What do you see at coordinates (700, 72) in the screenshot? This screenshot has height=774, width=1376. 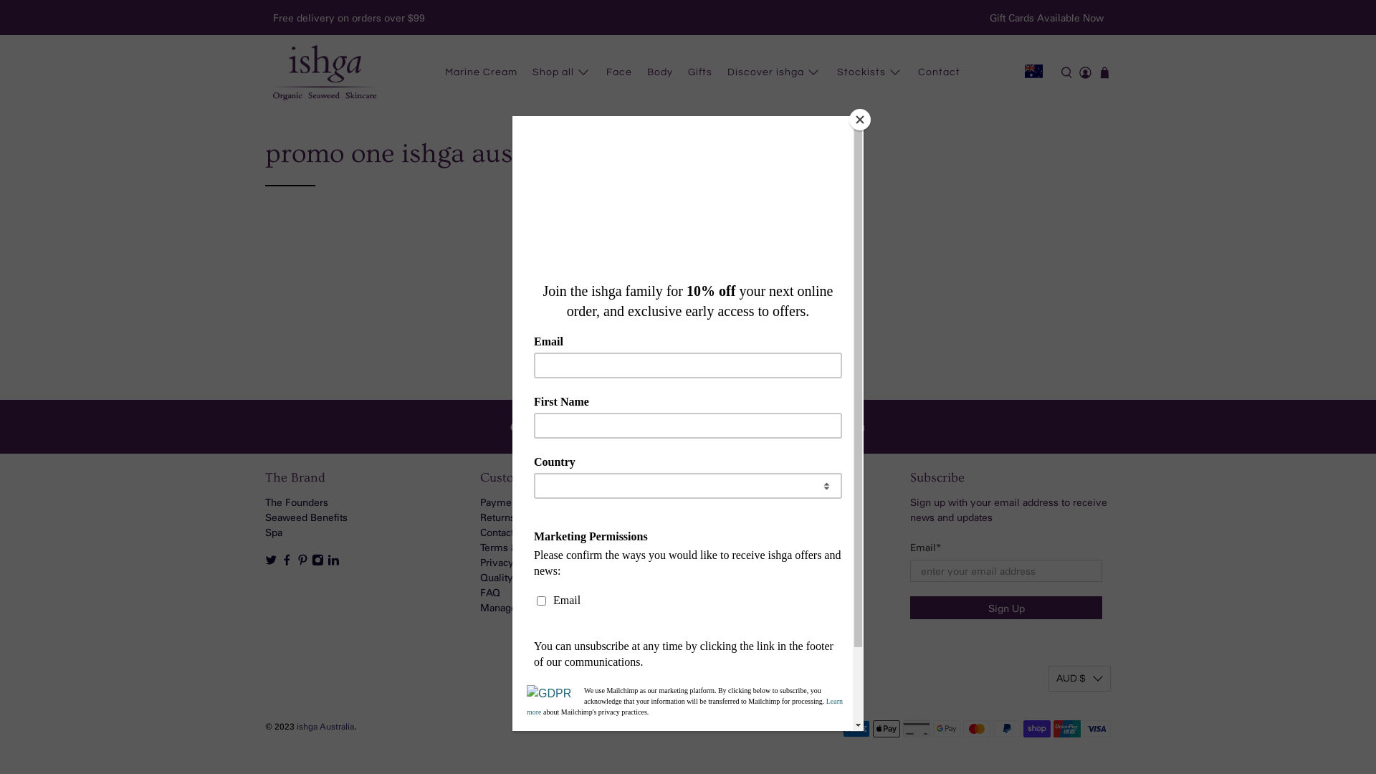 I see `'Gifts'` at bounding box center [700, 72].